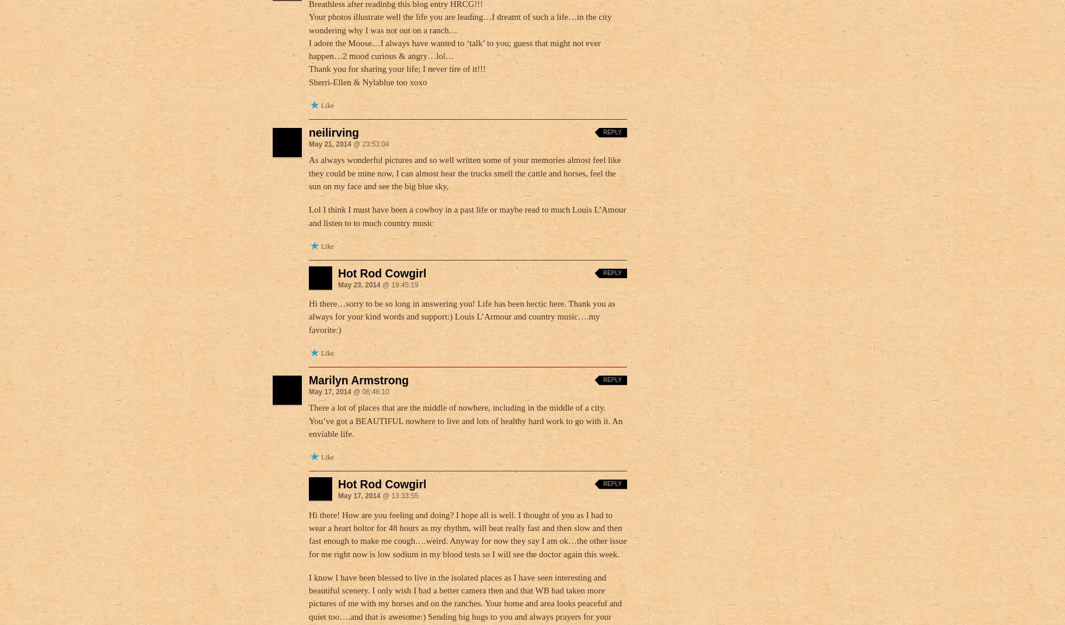 The height and width of the screenshot is (625, 1065). What do you see at coordinates (359, 284) in the screenshot?
I see `'May 23, 2014'` at bounding box center [359, 284].